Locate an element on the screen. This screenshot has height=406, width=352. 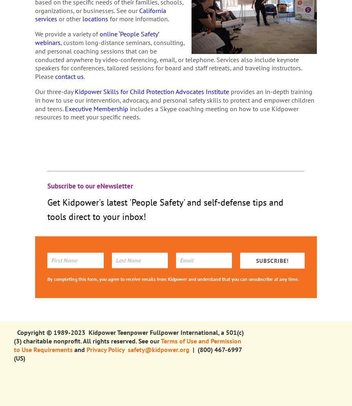
'SUBSCRIBE!' is located at coordinates (256, 260).